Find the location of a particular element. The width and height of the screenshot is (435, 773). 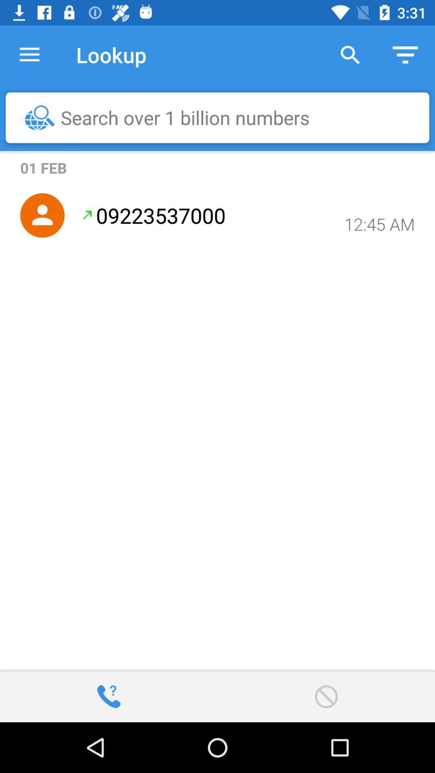

the icon next to the search over 1 is located at coordinates (39, 117).